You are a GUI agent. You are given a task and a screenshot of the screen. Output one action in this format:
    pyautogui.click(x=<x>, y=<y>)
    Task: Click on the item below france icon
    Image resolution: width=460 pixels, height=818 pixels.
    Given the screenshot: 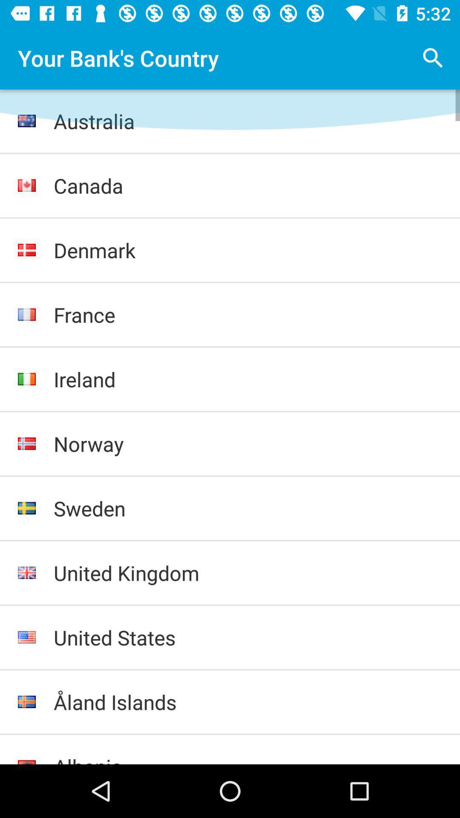 What is the action you would take?
    pyautogui.click(x=248, y=379)
    